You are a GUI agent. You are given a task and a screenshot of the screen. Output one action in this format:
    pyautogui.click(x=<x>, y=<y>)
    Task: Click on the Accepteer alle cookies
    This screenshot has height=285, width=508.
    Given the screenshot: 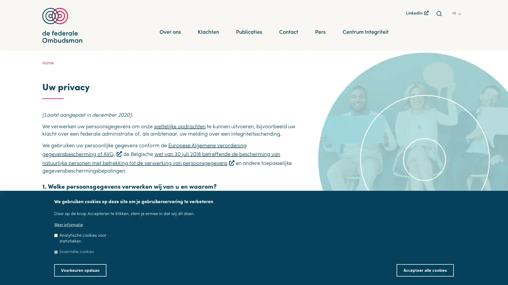 What is the action you would take?
    pyautogui.click(x=425, y=270)
    